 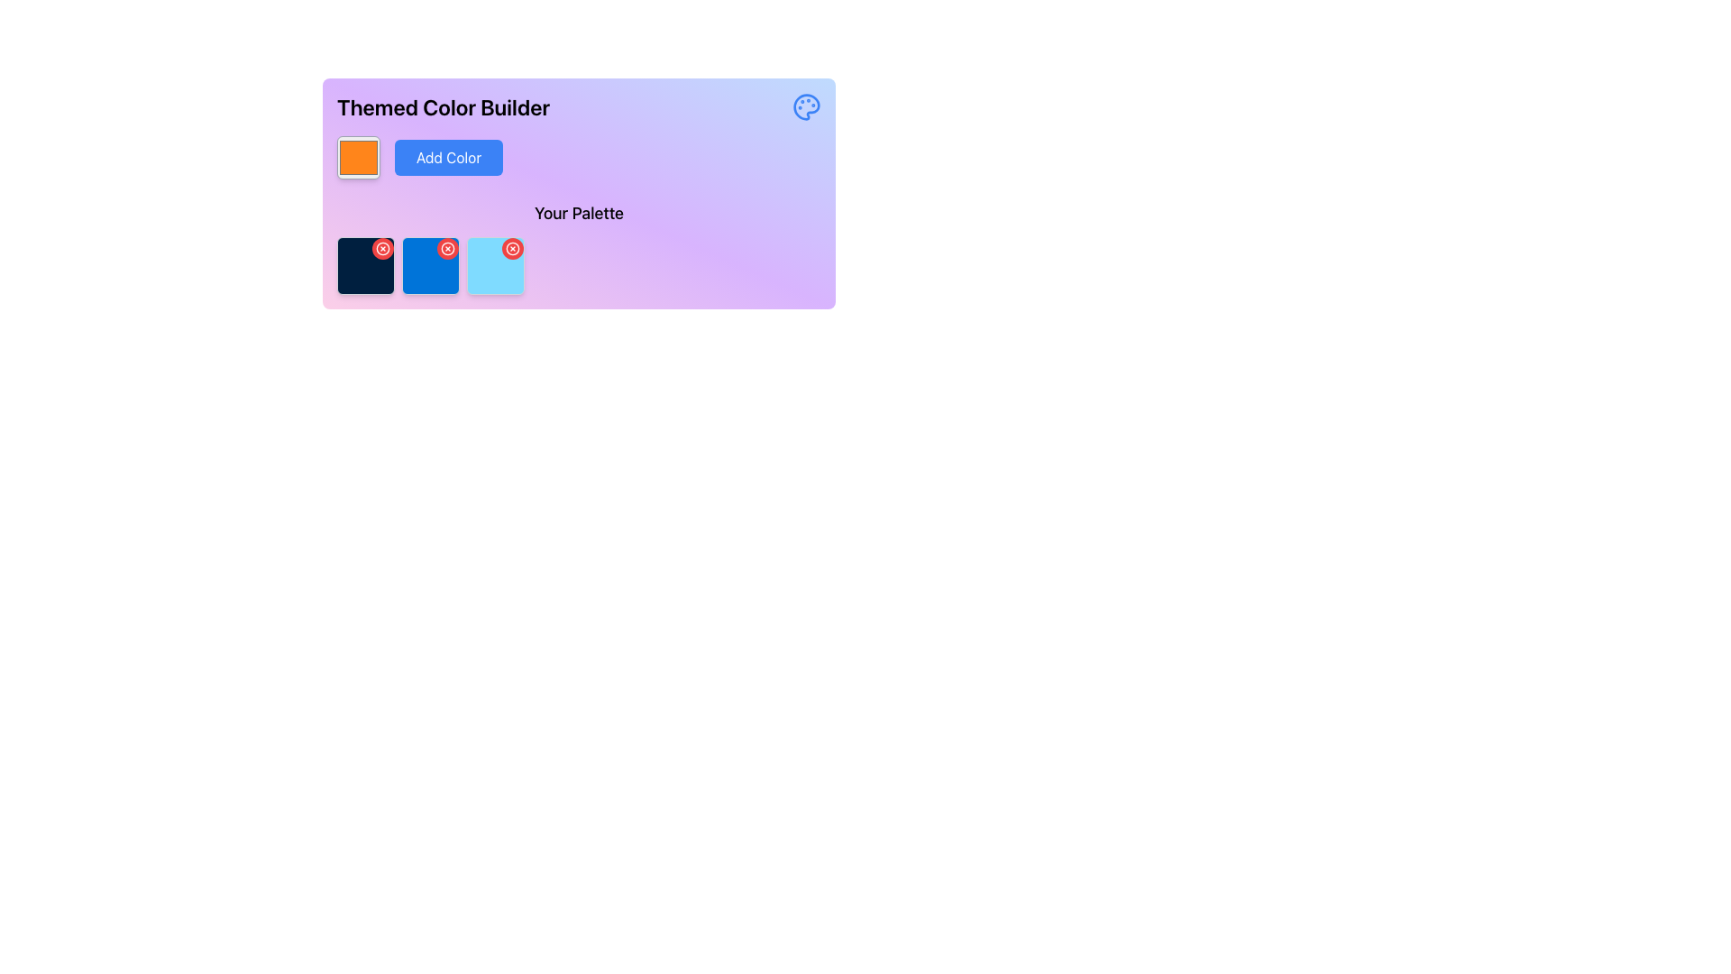 I want to click on the close button located at the top-right corner of the blue square card, which is the second card from the left in a row of three cards, so click(x=448, y=249).